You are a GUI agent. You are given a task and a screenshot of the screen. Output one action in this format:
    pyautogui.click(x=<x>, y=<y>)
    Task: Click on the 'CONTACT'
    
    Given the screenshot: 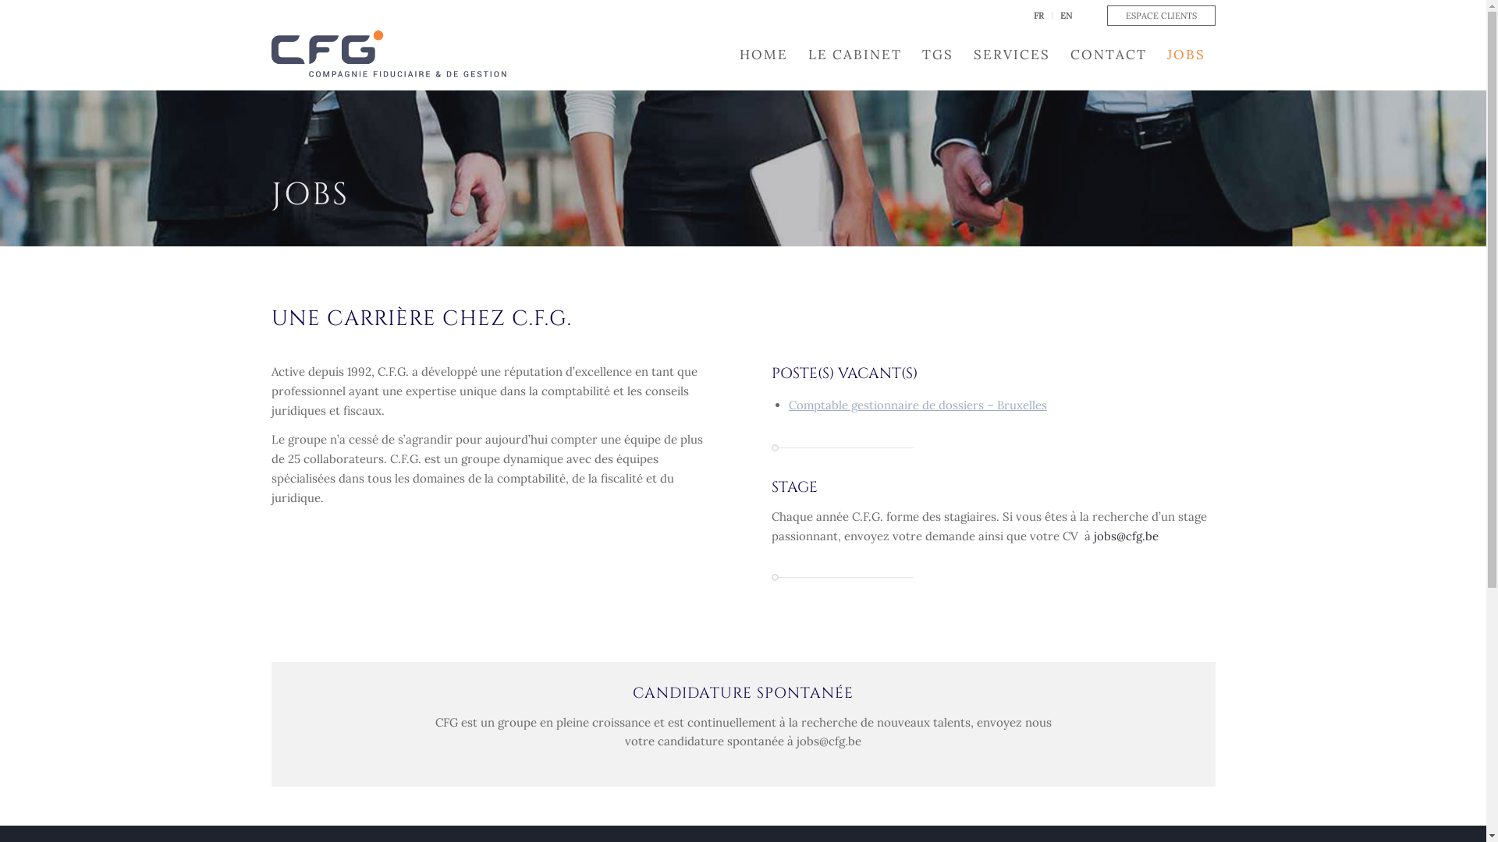 What is the action you would take?
    pyautogui.click(x=1107, y=53)
    